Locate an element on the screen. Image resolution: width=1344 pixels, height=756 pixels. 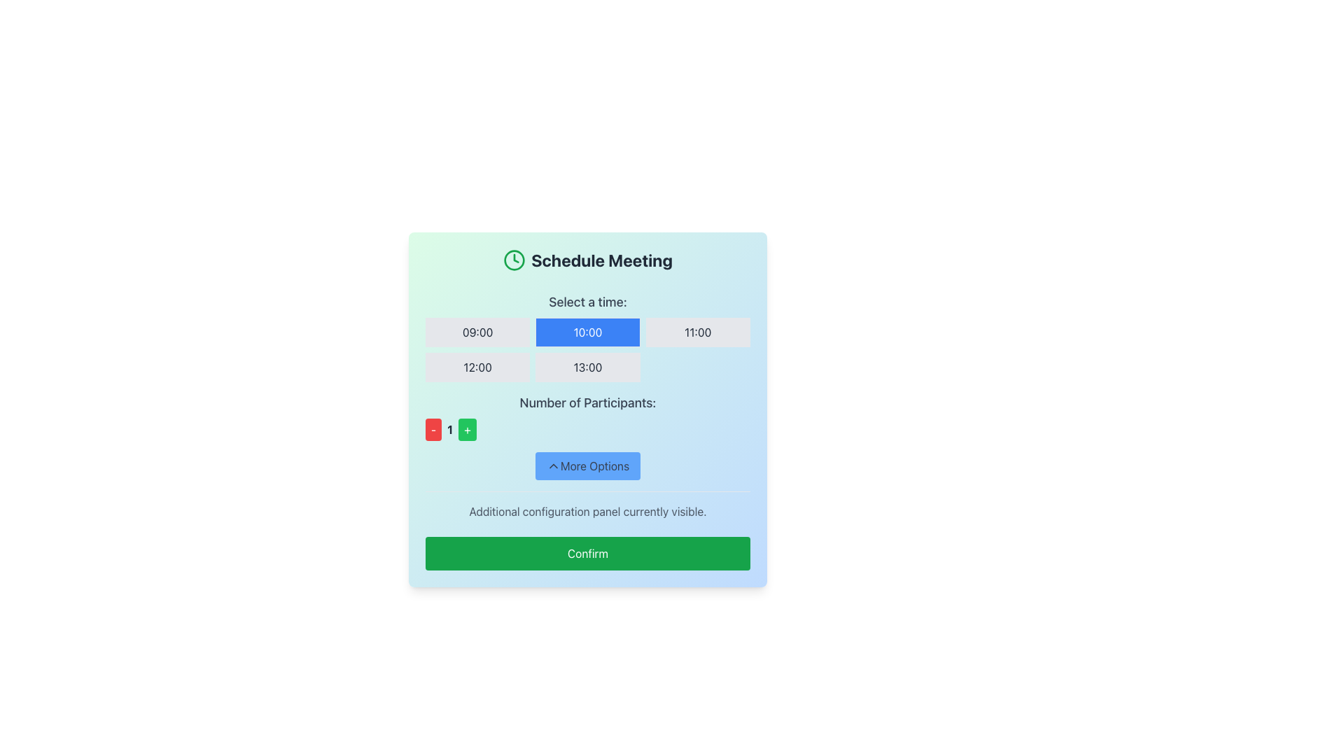
the static text label that displays a message or status update to the user, located above the 'Confirm' button and below the 'More Options' button in the centered dialog interface is located at coordinates (588, 505).